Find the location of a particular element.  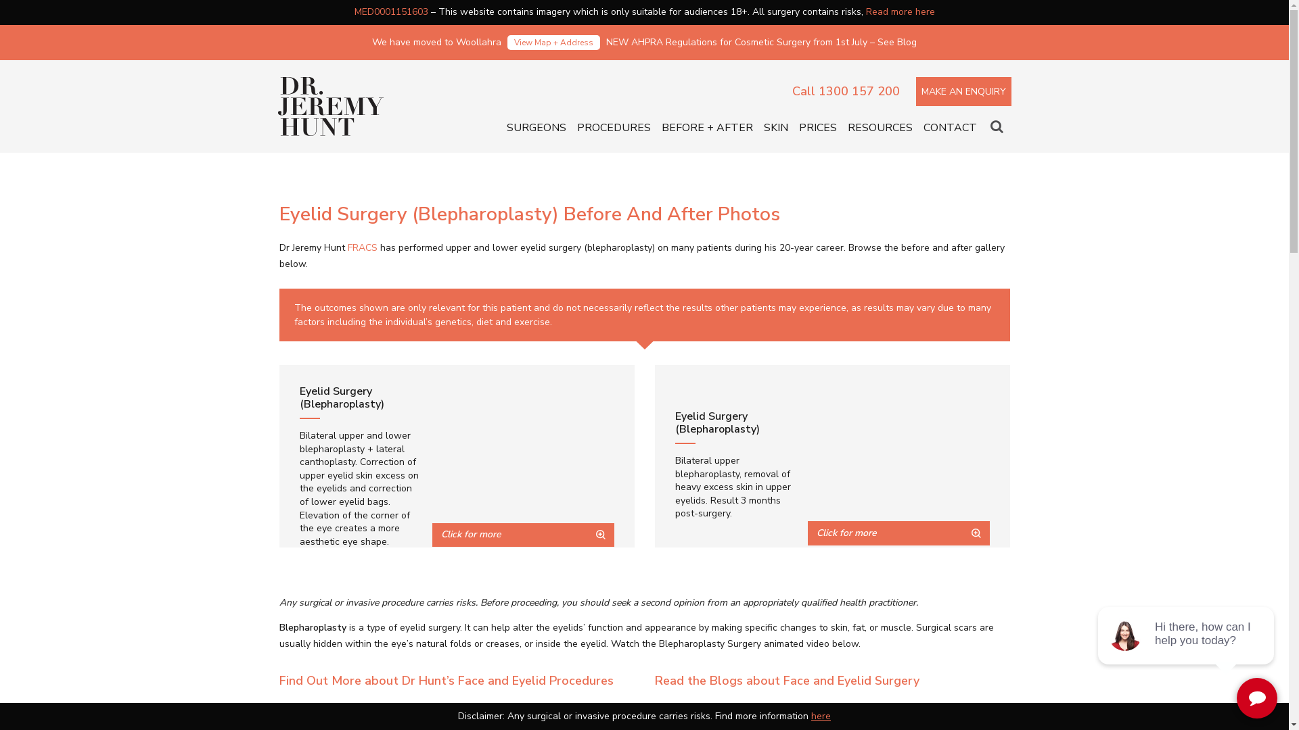

'MED0001151603' is located at coordinates (390, 11).